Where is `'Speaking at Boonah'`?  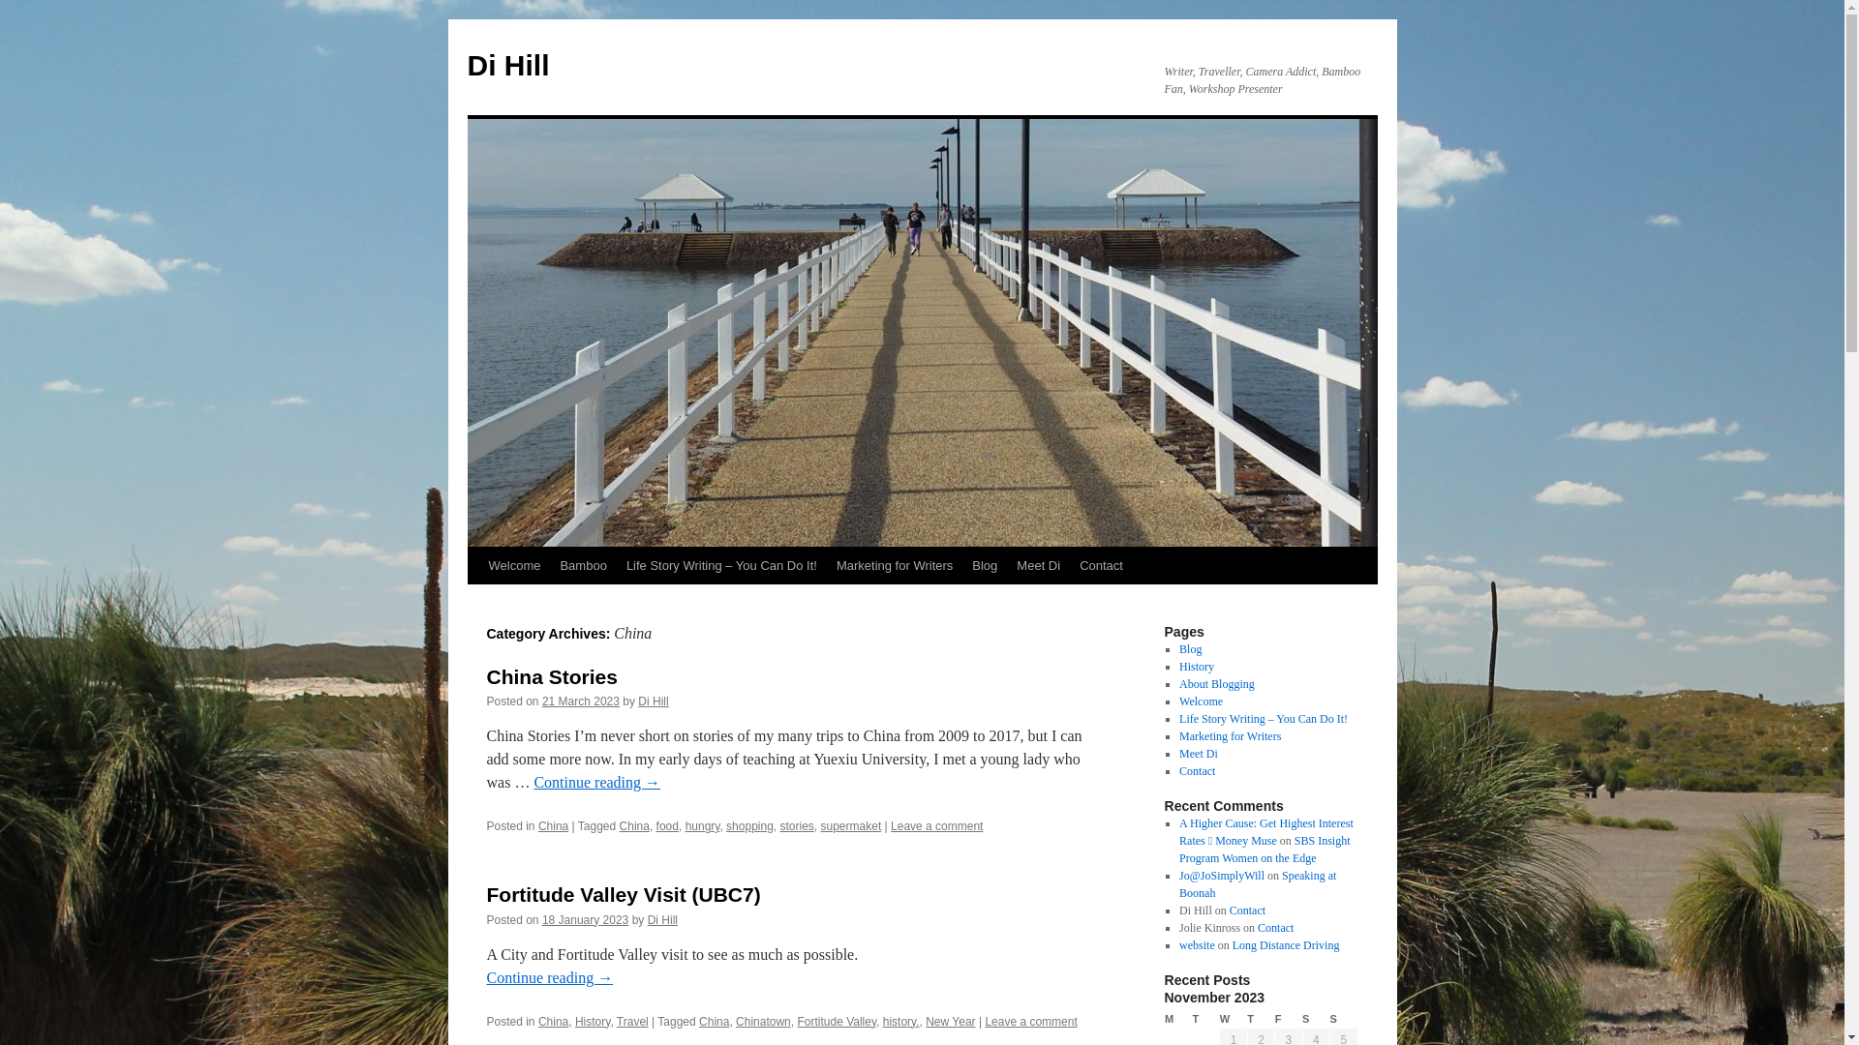 'Speaking at Boonah' is located at coordinates (1258, 884).